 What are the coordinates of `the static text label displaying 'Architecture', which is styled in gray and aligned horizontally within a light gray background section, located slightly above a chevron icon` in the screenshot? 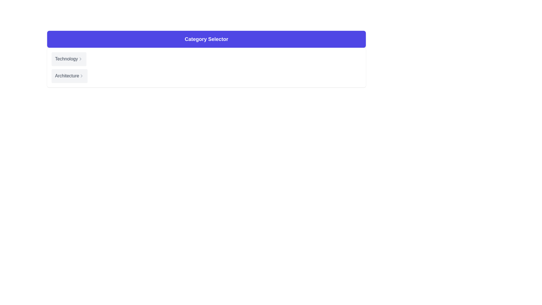 It's located at (67, 76).